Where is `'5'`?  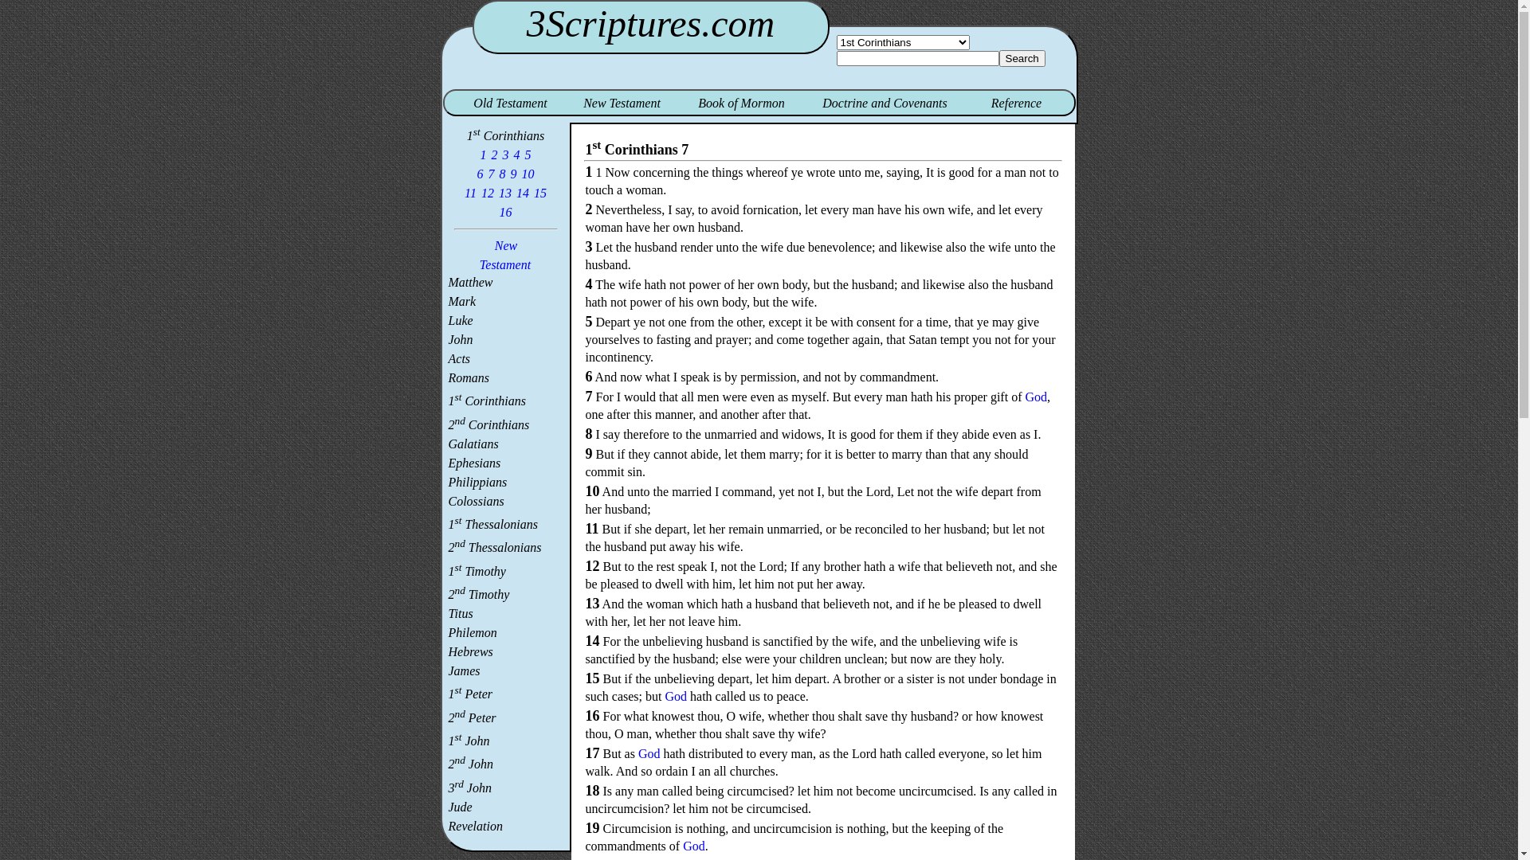
'5' is located at coordinates (528, 154).